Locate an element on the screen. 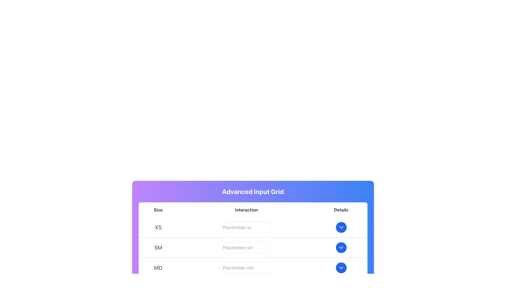  the 'Interaction' text label, which is the second header in a row of three in the grid layout, indicating the nature of the data below is located at coordinates (253, 210).